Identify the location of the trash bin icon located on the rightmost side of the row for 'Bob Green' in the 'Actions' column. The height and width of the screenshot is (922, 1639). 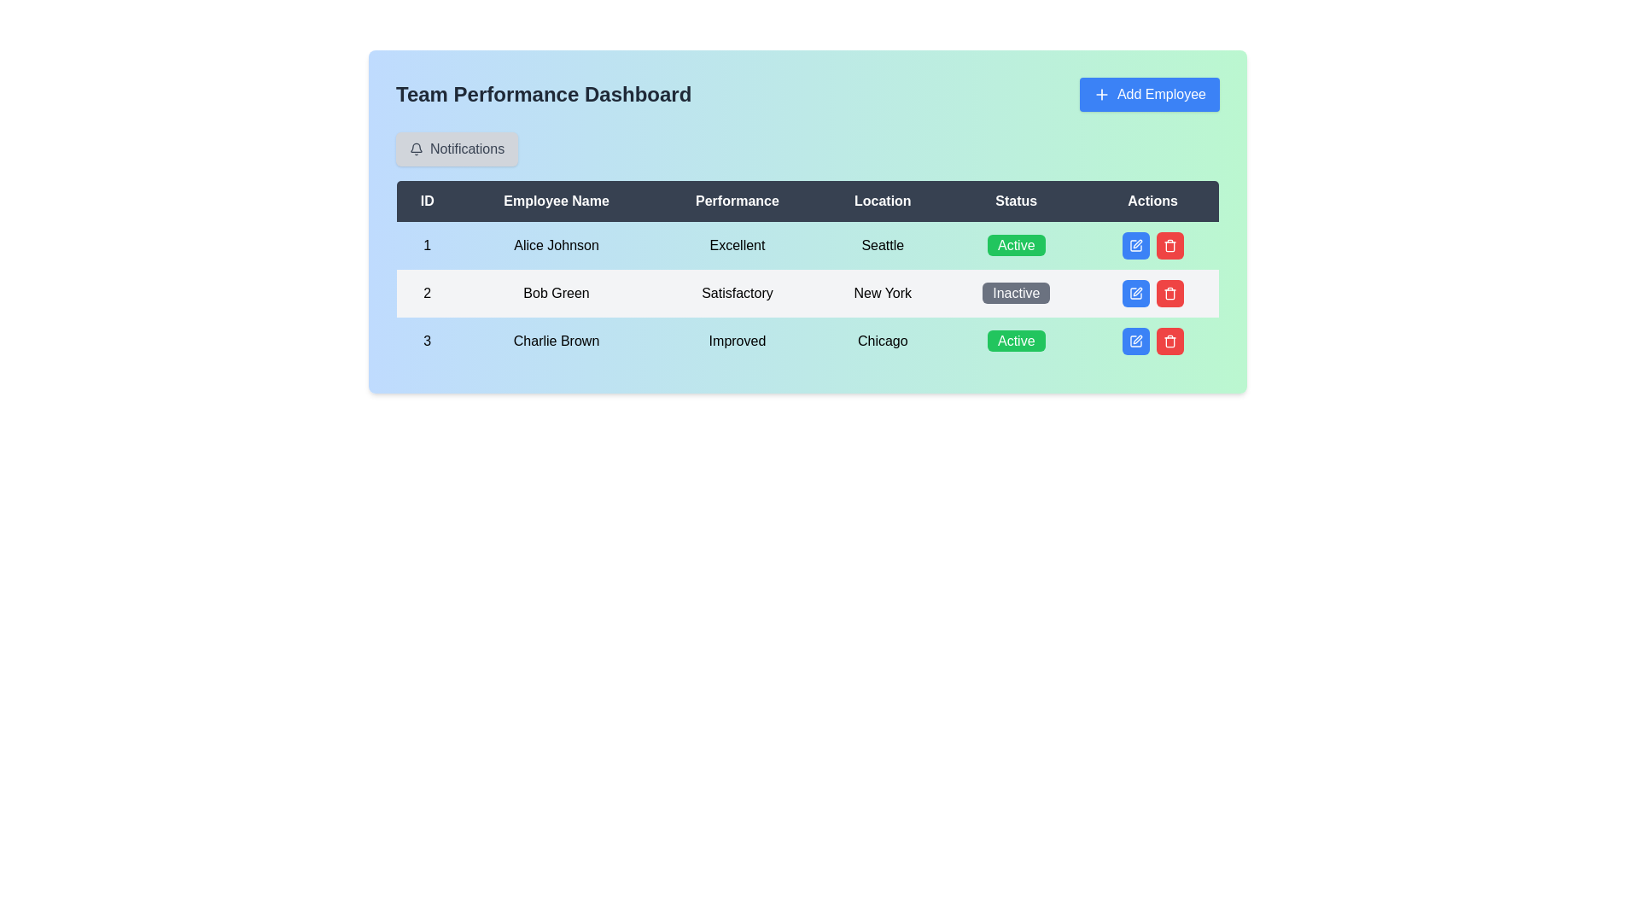
(1169, 341).